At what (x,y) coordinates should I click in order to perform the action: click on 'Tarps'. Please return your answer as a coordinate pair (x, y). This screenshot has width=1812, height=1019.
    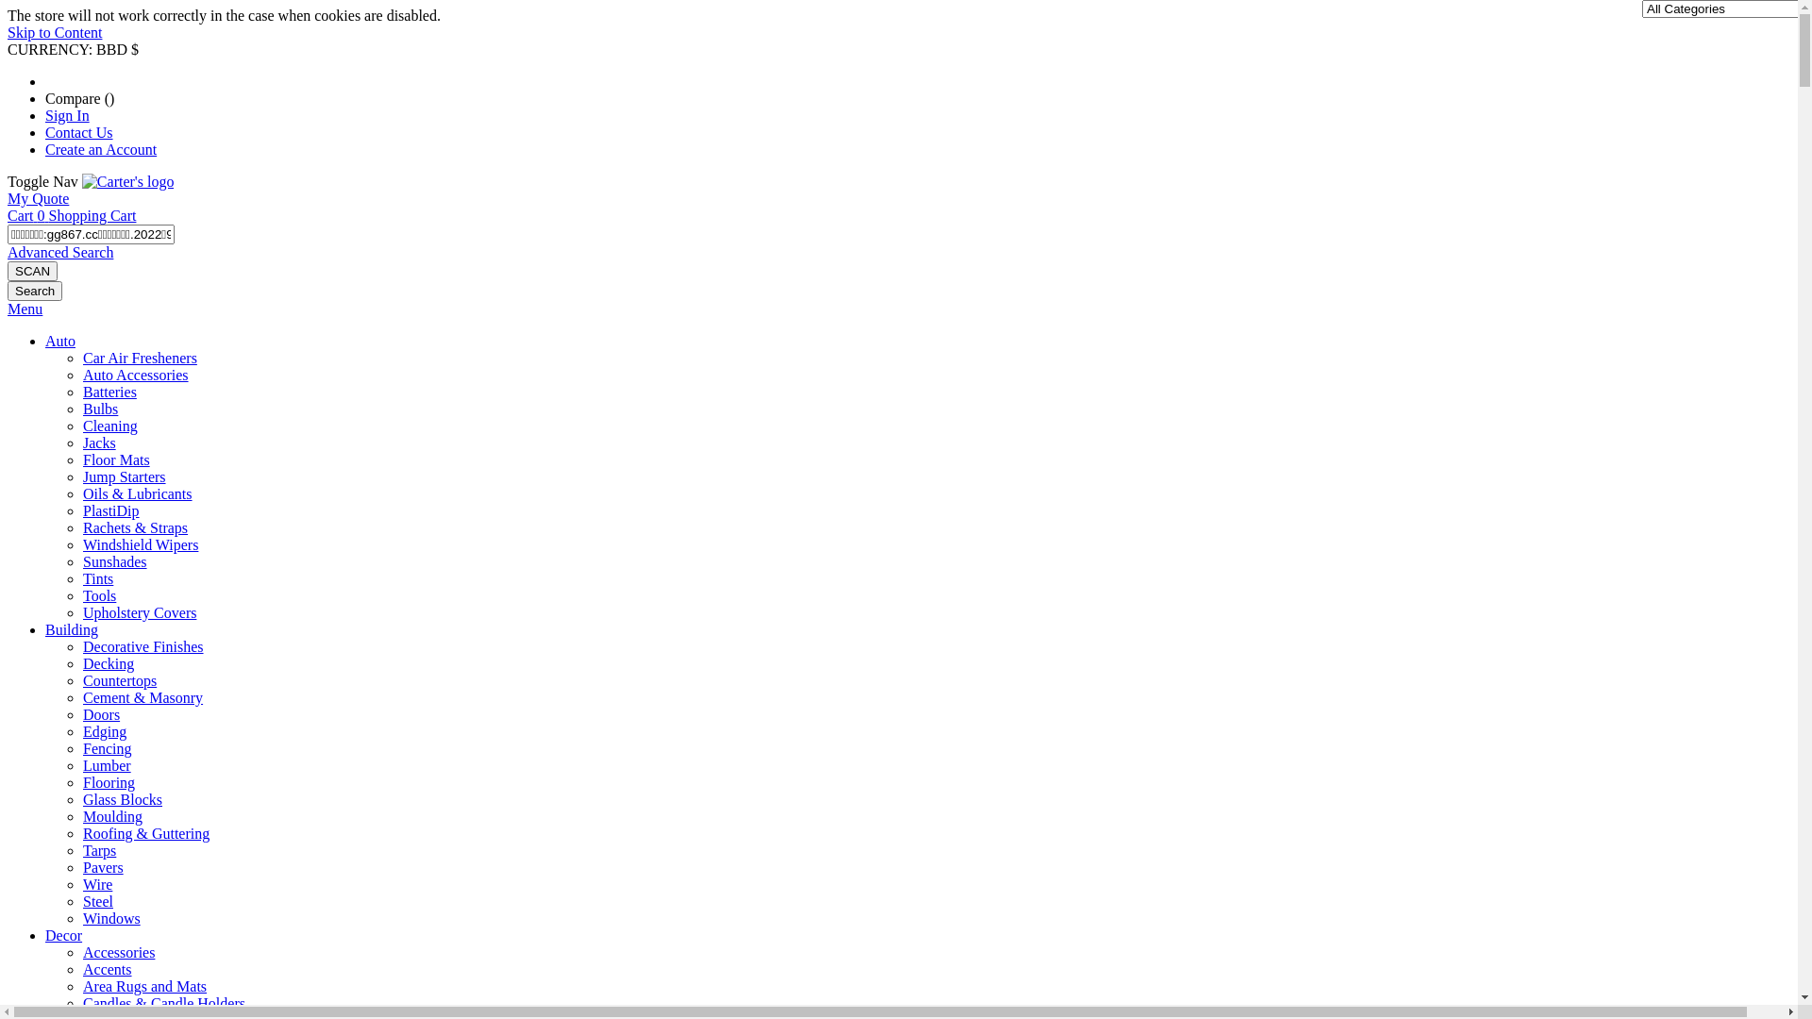
    Looking at the image, I should click on (81, 850).